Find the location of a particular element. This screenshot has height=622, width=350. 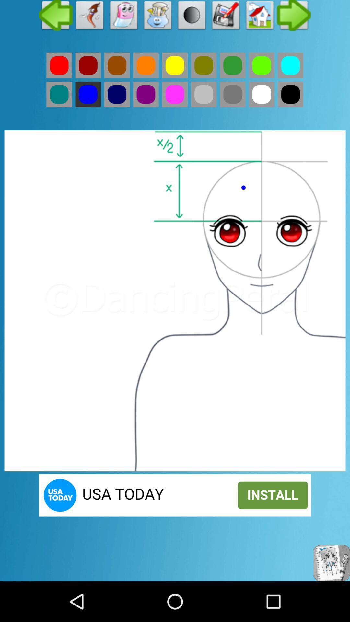

this color is located at coordinates (117, 65).